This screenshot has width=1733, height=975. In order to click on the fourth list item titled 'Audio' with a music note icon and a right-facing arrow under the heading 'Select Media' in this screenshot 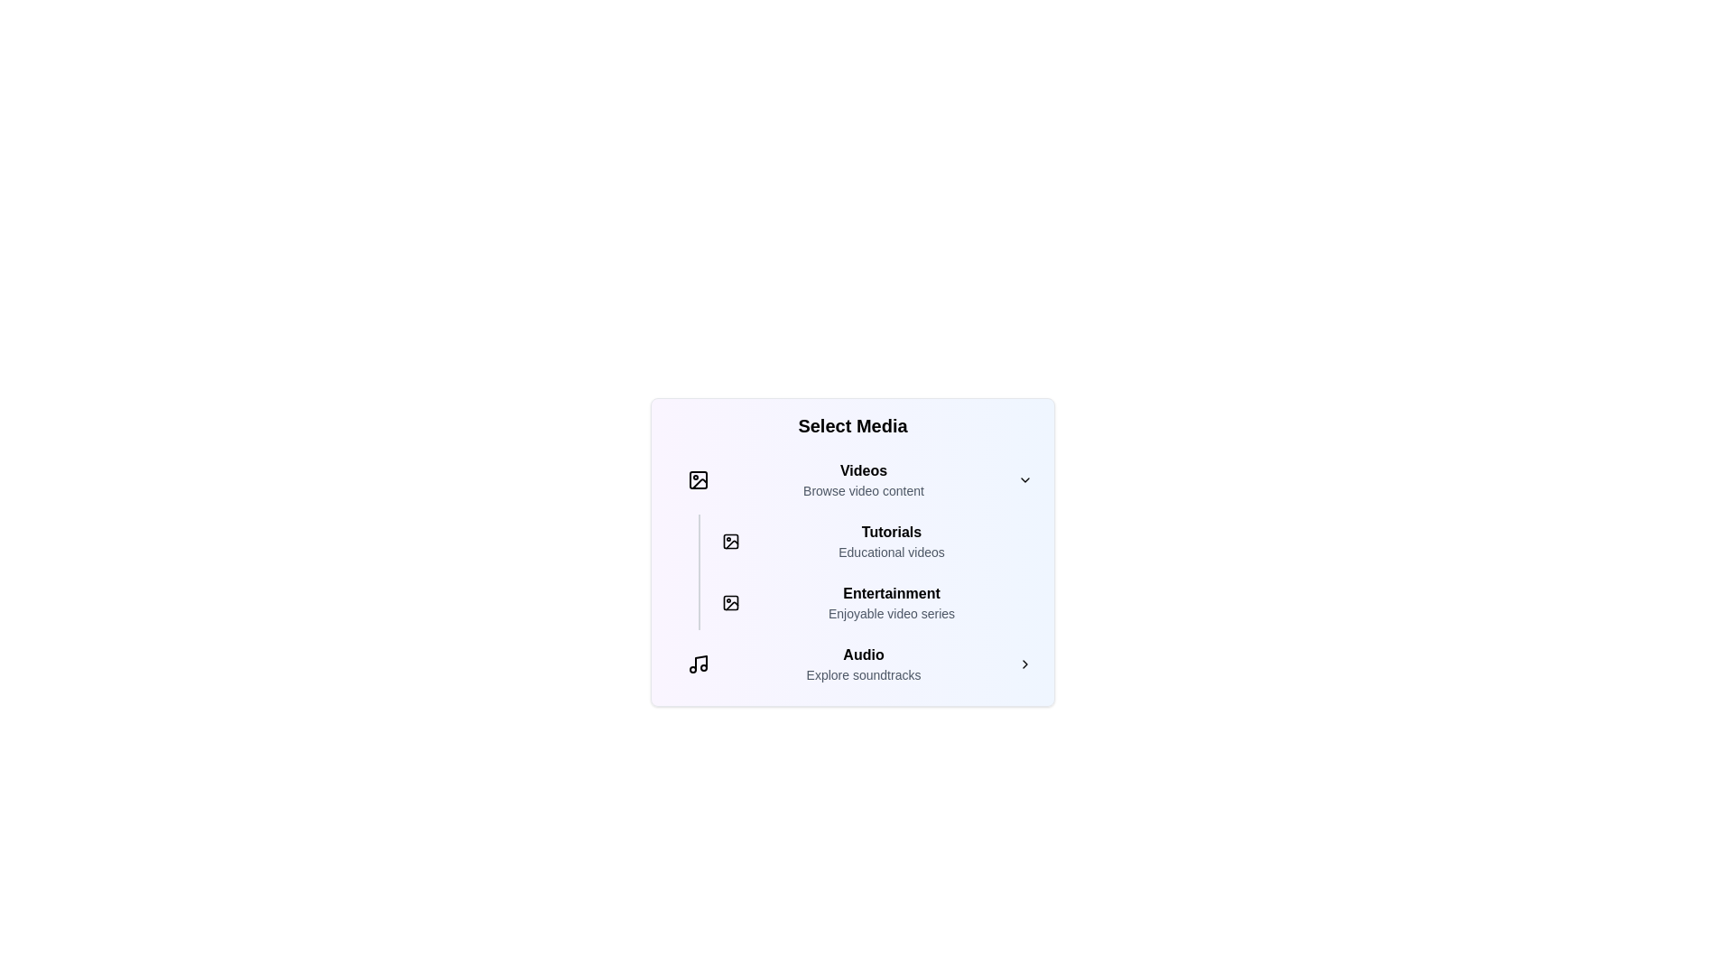, I will do `click(859, 664)`.